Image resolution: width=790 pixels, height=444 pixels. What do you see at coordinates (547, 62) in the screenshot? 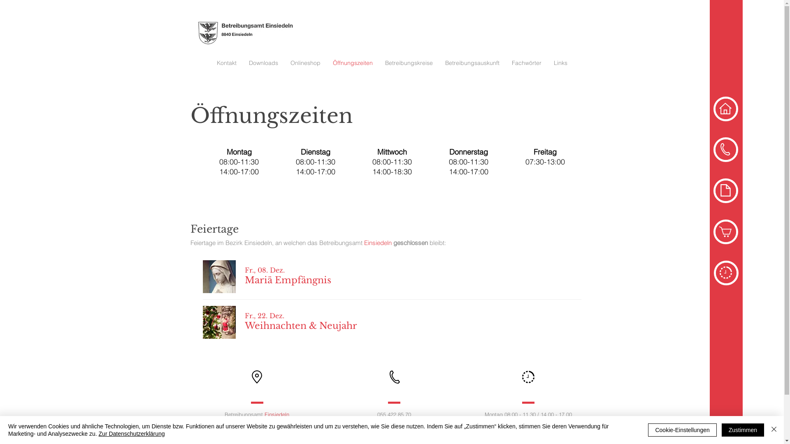
I see `'Links'` at bounding box center [547, 62].